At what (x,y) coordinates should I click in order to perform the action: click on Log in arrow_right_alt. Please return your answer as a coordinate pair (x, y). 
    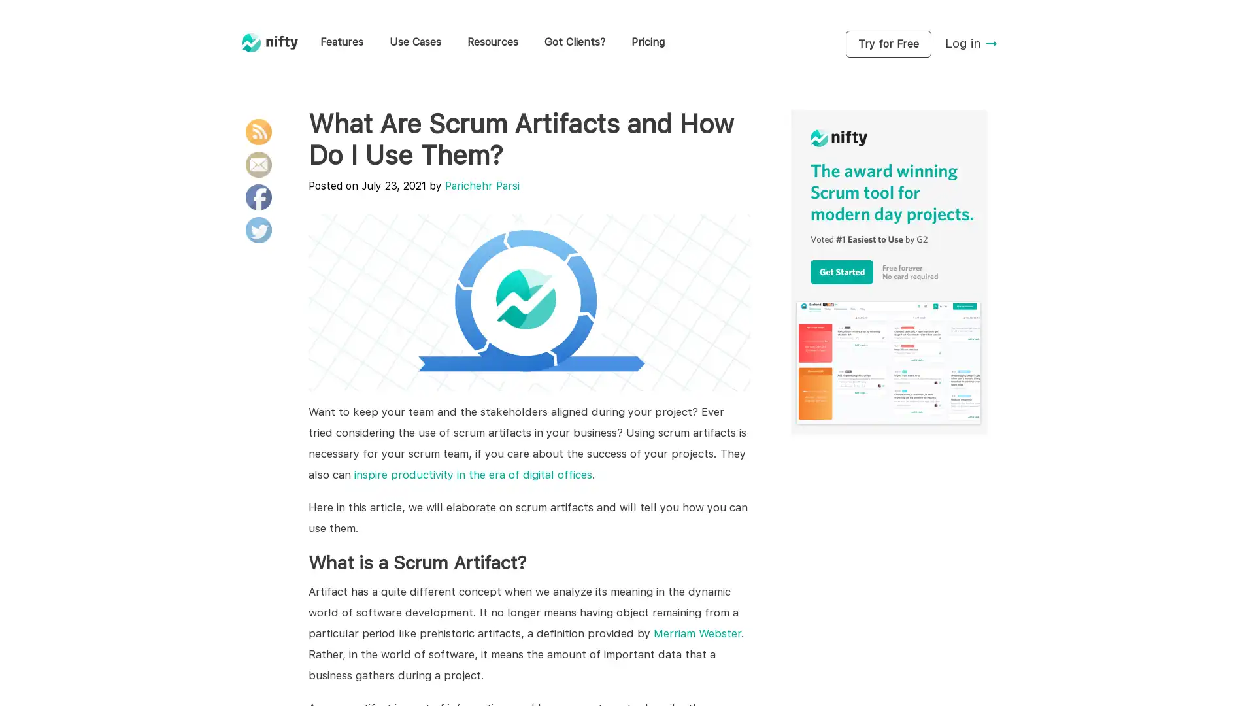
    Looking at the image, I should click on (971, 43).